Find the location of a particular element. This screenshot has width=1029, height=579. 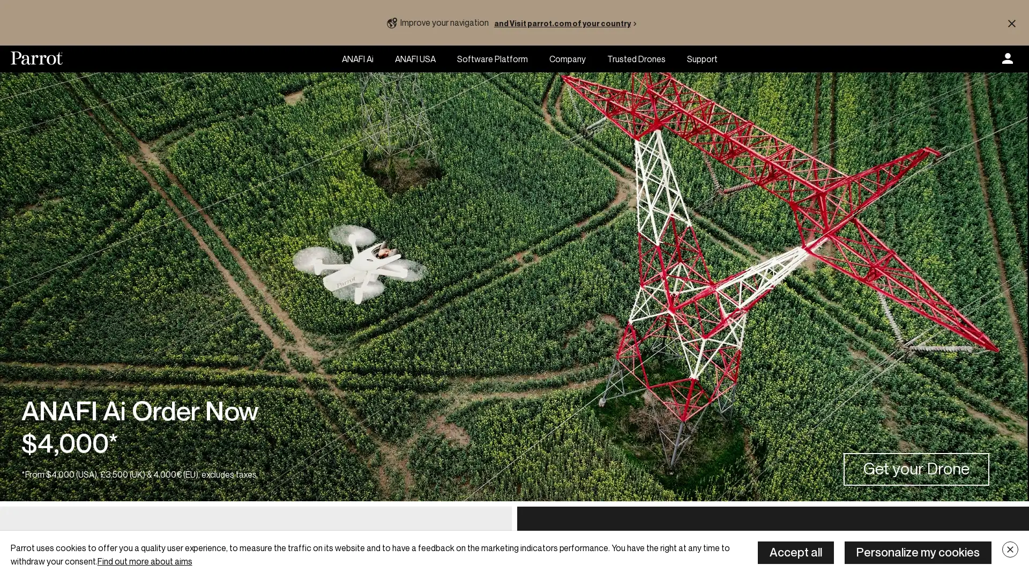

and Visit parrot.com of your country go to my shop is located at coordinates (567, 23).